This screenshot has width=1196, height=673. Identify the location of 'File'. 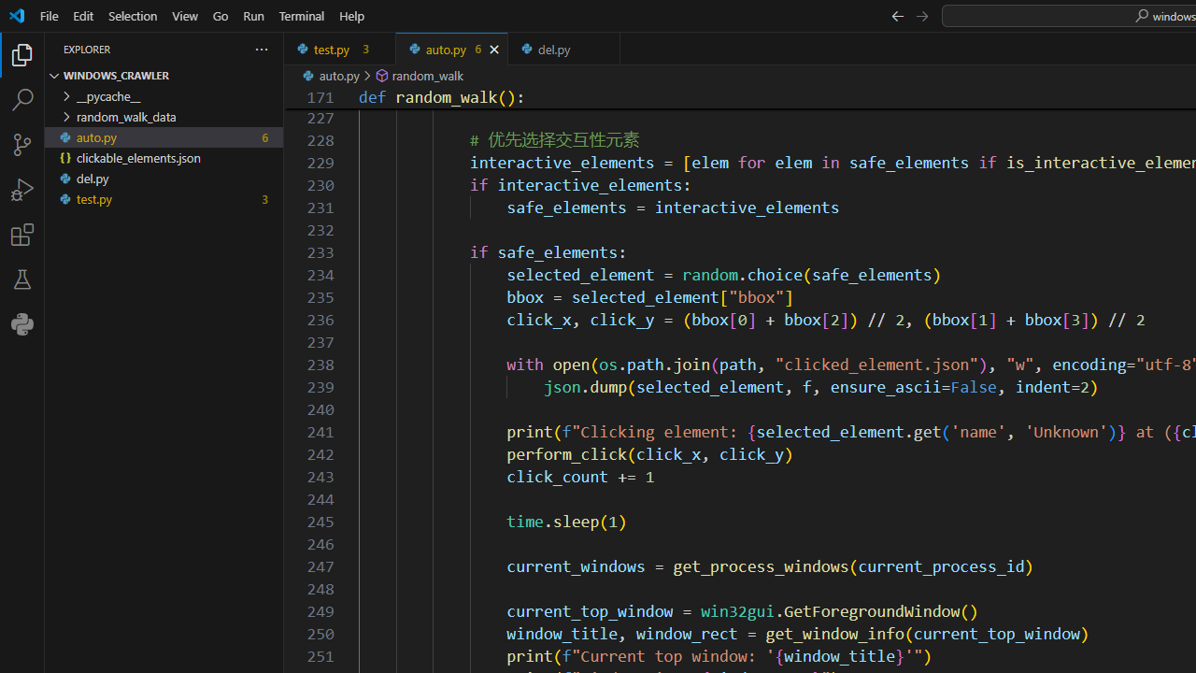
(49, 15).